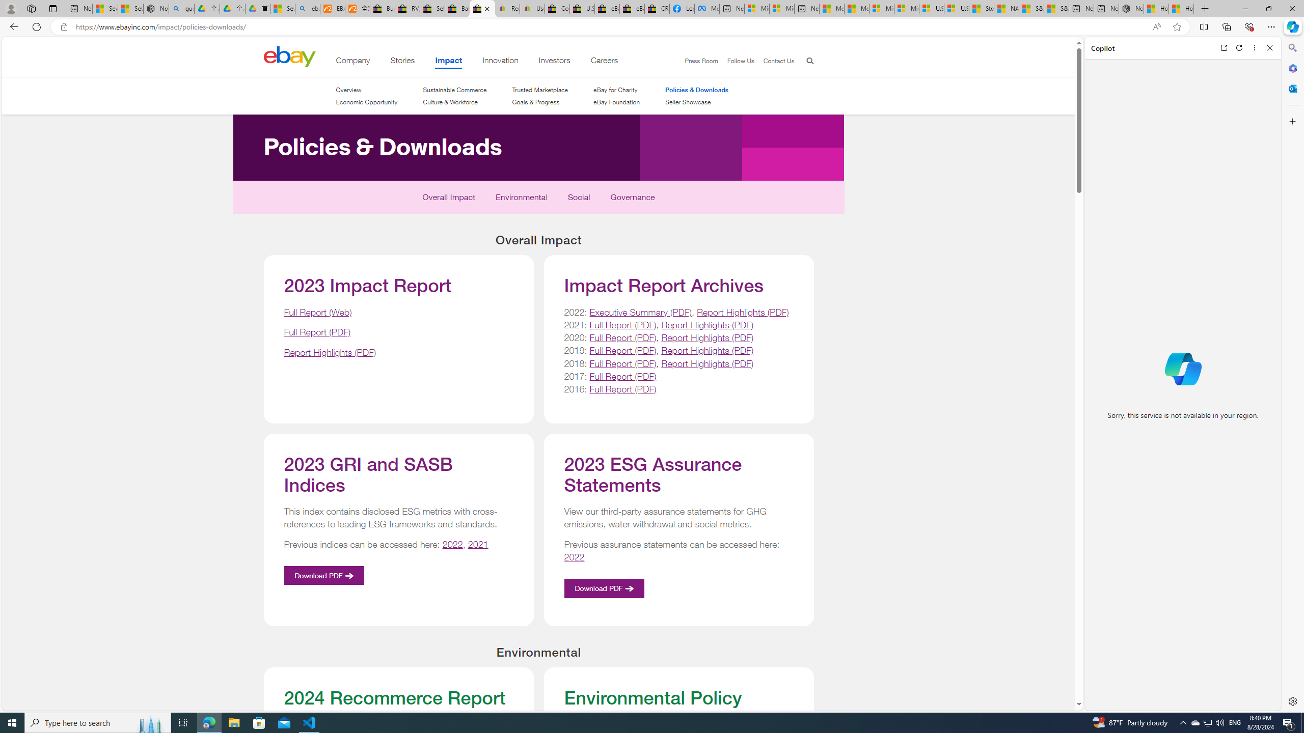 This screenshot has height=733, width=1304. I want to click on 'Log into Facebook', so click(681, 8).